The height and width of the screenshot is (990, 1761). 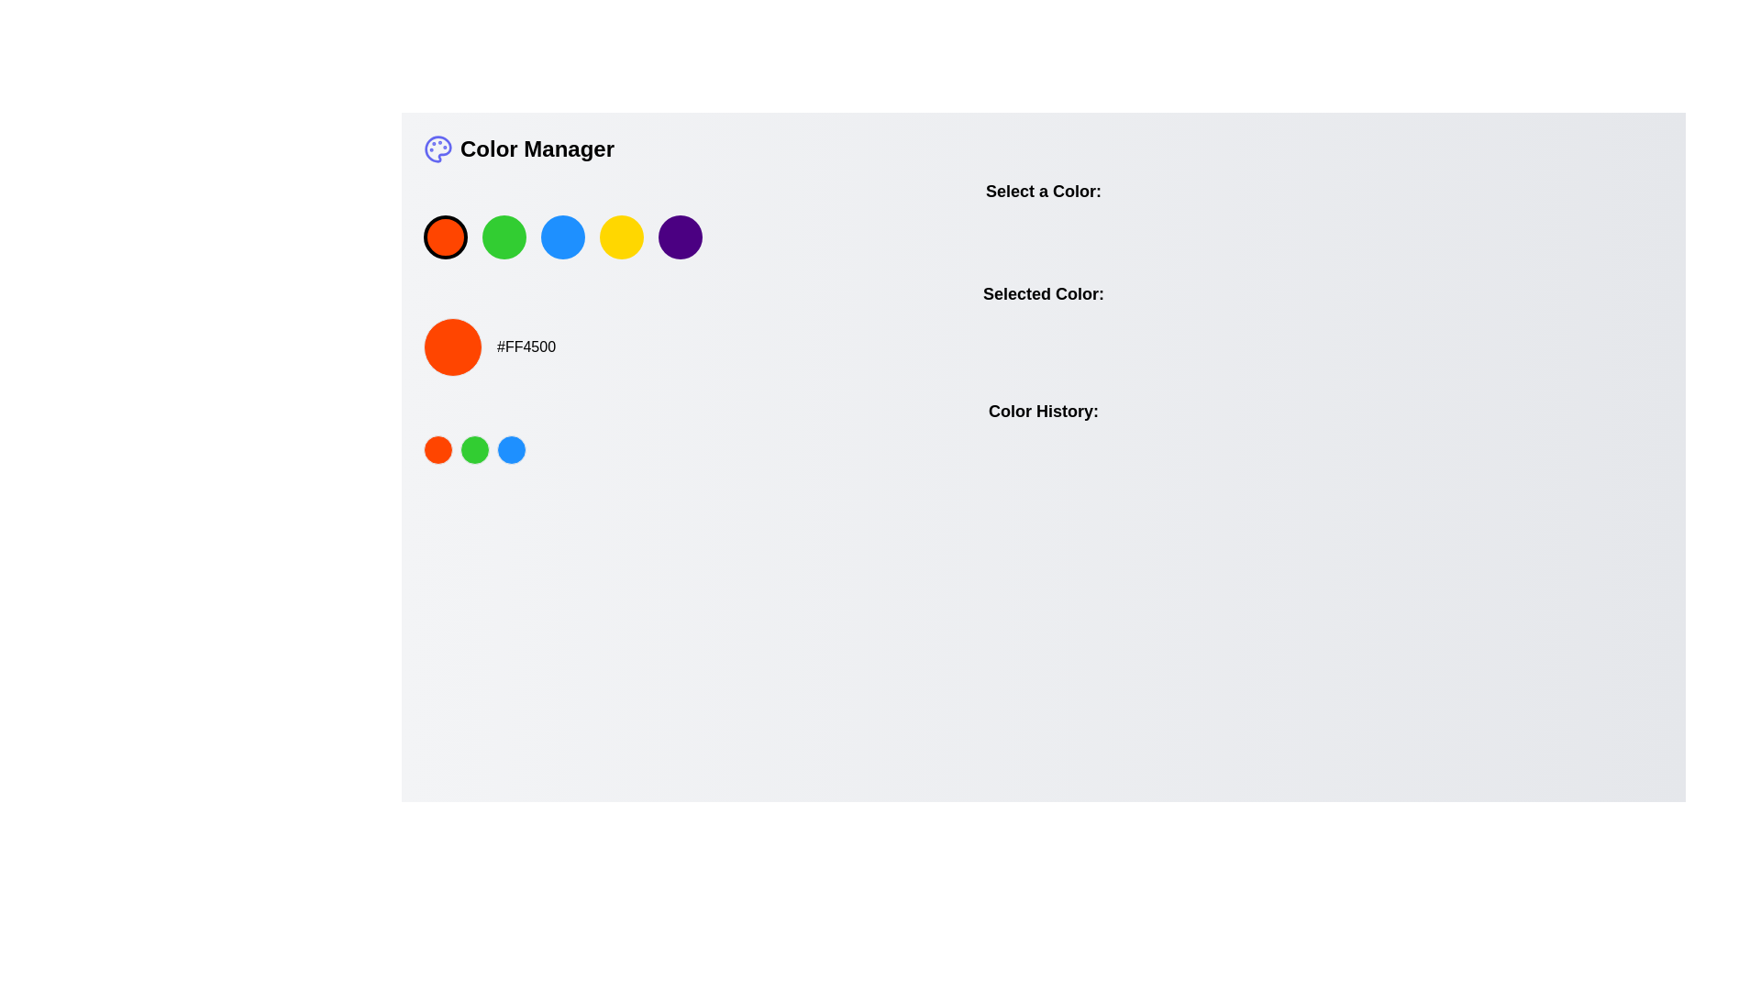 What do you see at coordinates (1043, 218) in the screenshot?
I see `the circular color button in the 'Select a Color:' section` at bounding box center [1043, 218].